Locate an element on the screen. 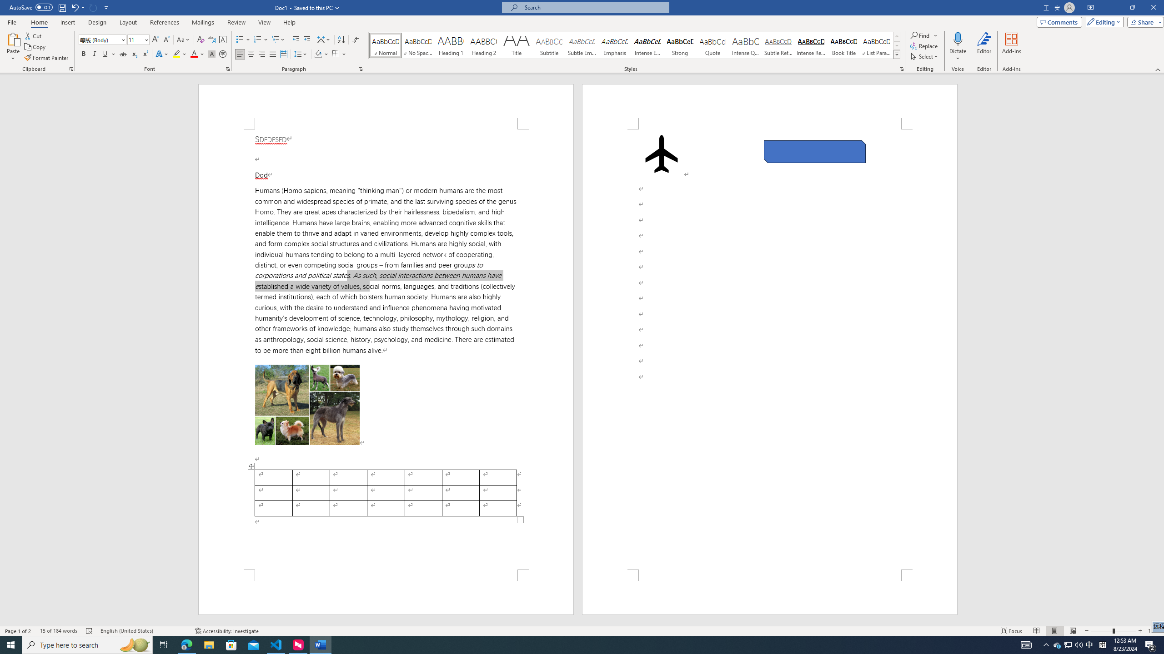 This screenshot has width=1164, height=654. 'Intense Quote' is located at coordinates (745, 45).